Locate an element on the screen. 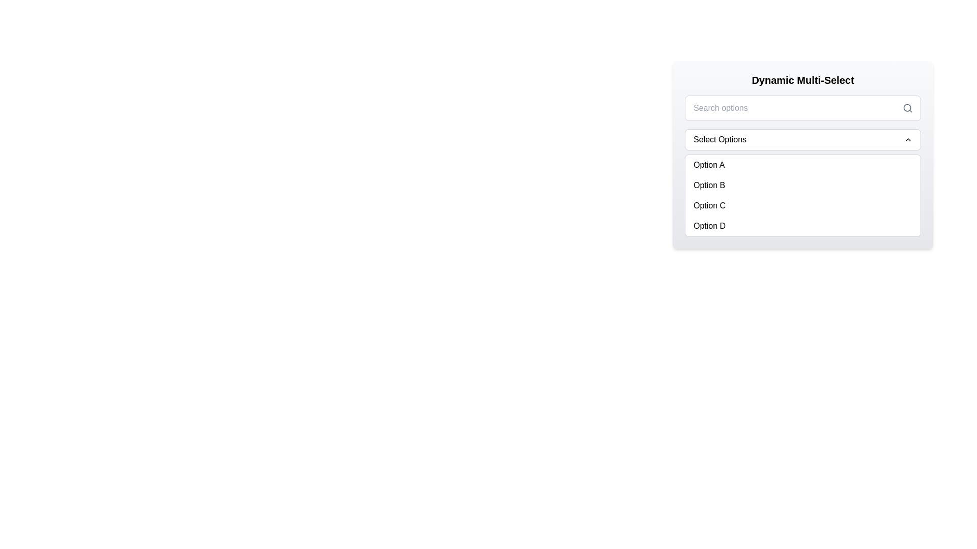  the text 'Option C' in the dropdown menu is located at coordinates (709, 206).